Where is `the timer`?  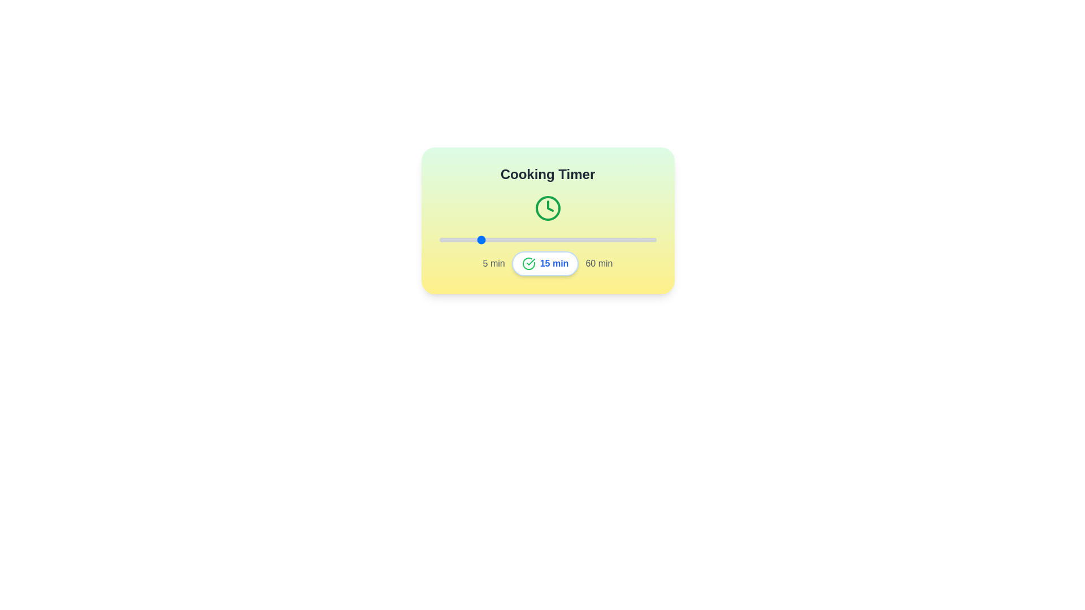
the timer is located at coordinates (557, 239).